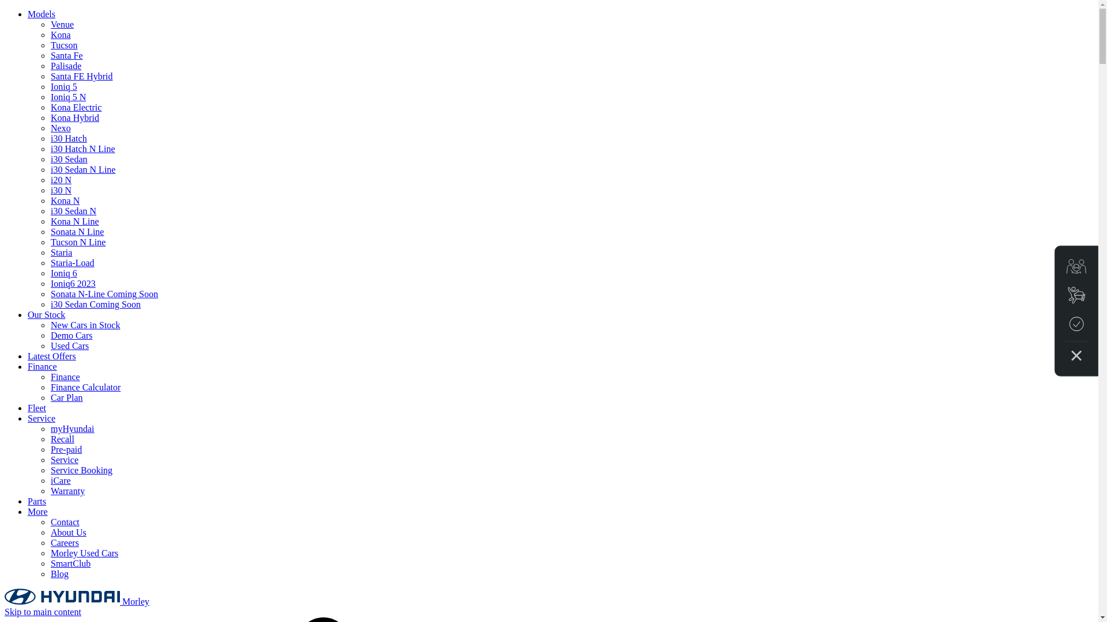  I want to click on 'Contact', so click(65, 522).